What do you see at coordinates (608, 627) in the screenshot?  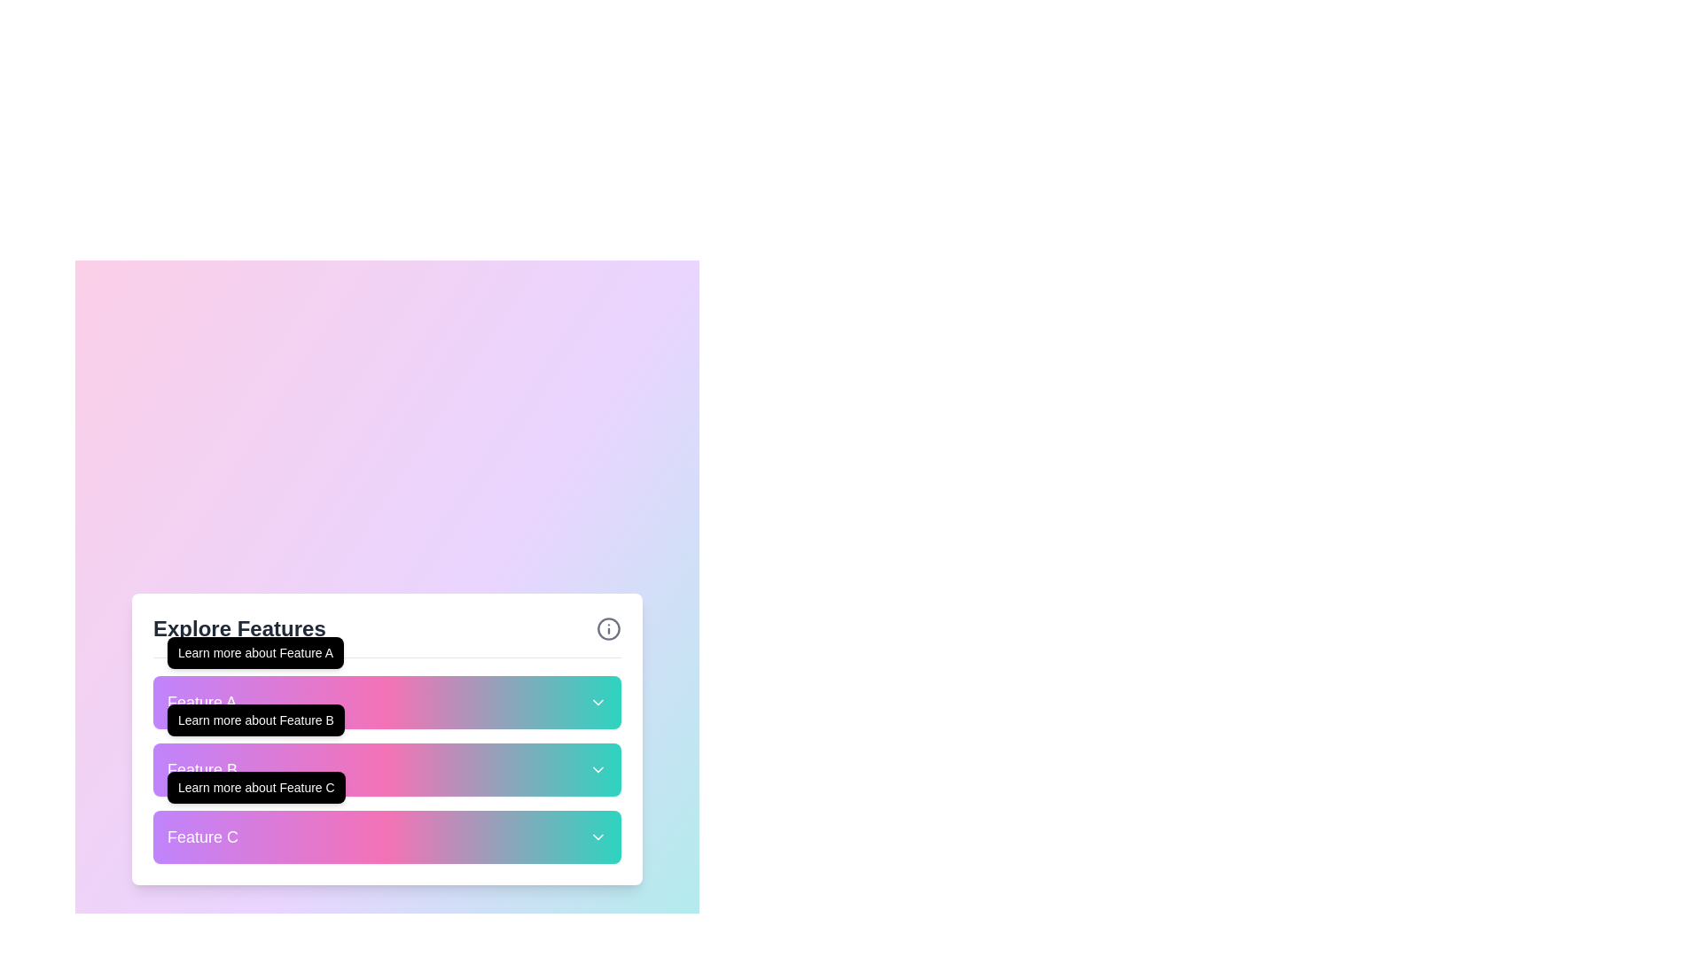 I see `the circular graphical component that is part of an information icon located at the top-right corner of a card-like structure` at bounding box center [608, 627].